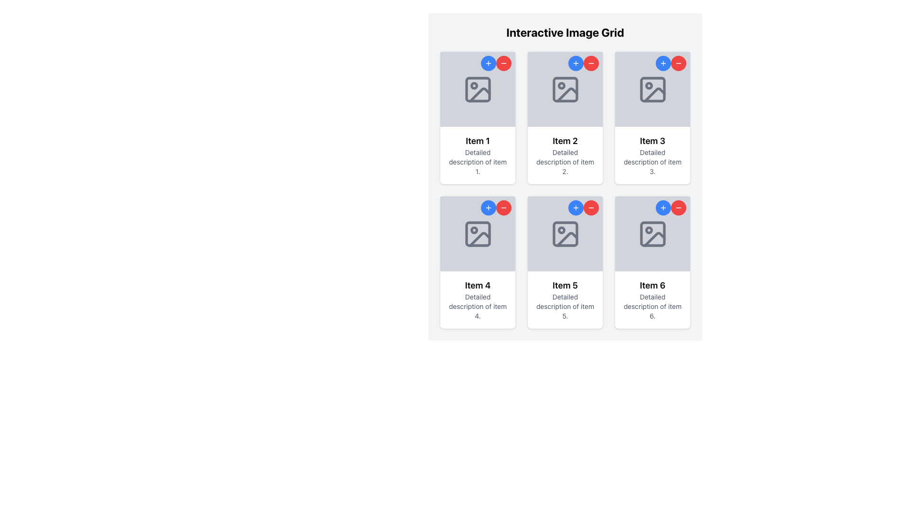  What do you see at coordinates (652, 299) in the screenshot?
I see `the static text content block that provides a title and descriptive information about the sixth item in the grid, located in the bottom-right corner beneath a gray placeholder image` at bounding box center [652, 299].